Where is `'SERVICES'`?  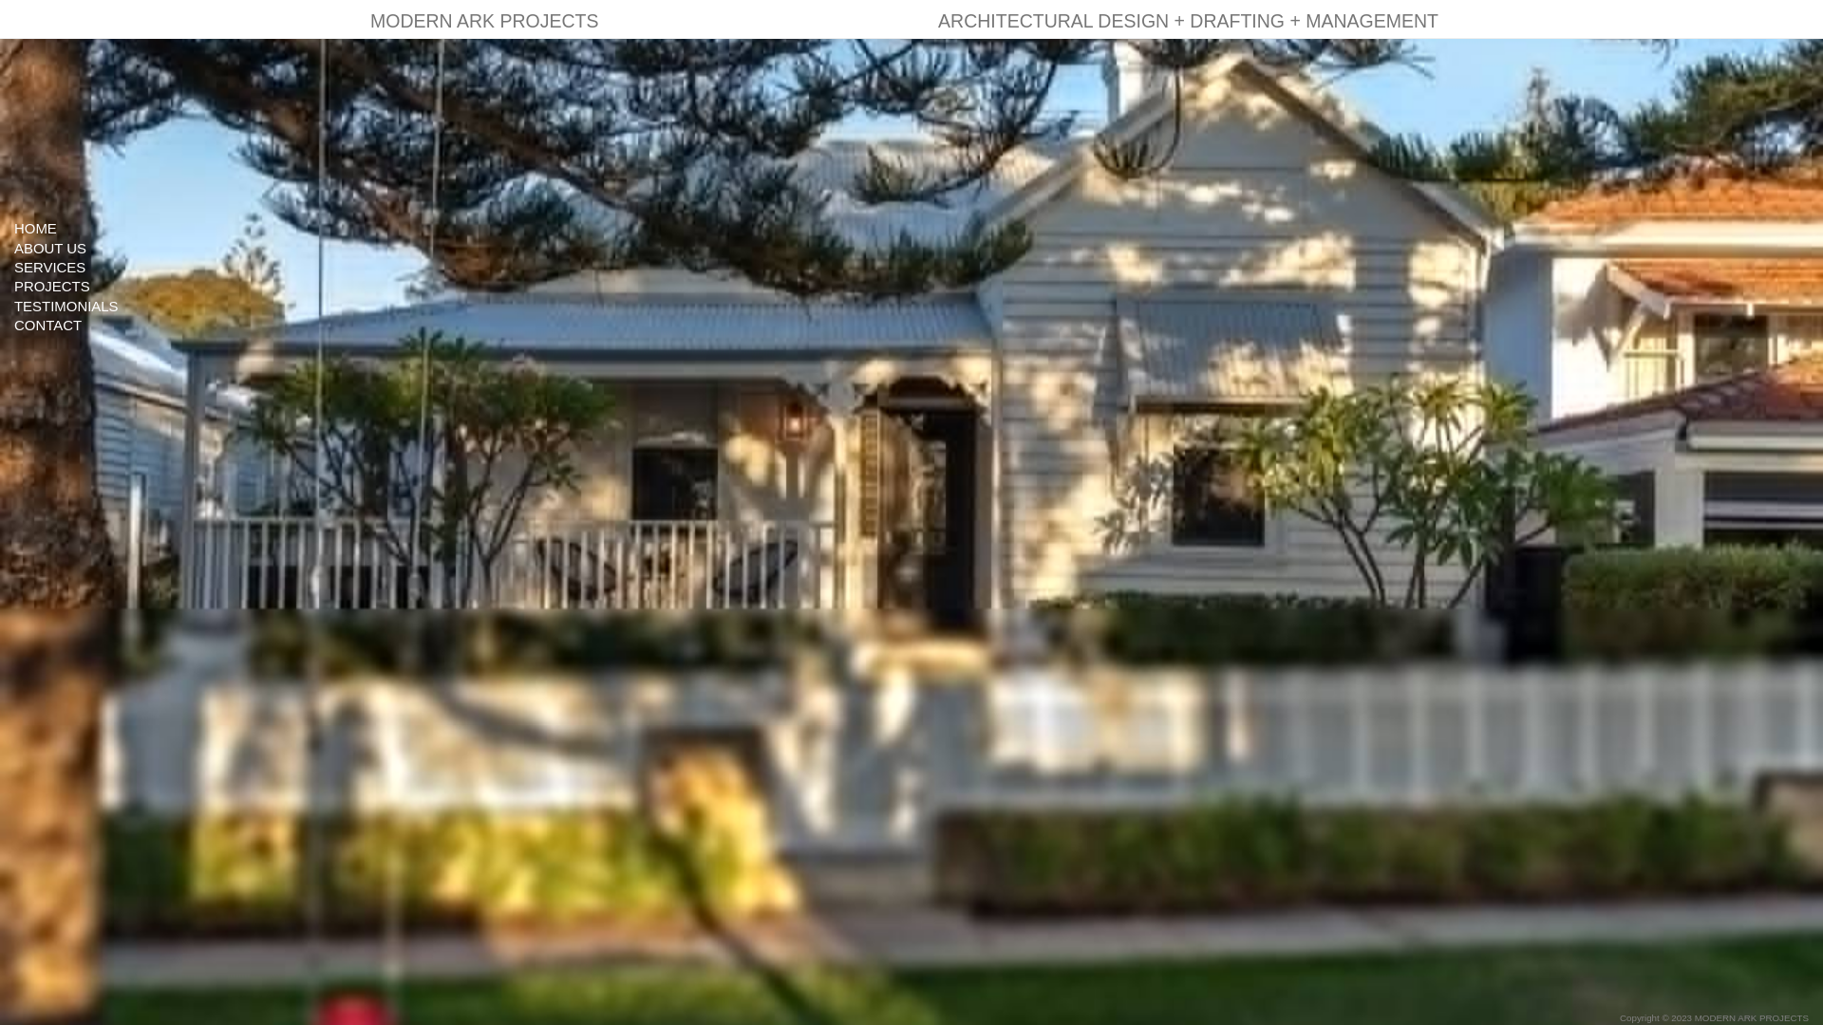 'SERVICES' is located at coordinates (99, 267).